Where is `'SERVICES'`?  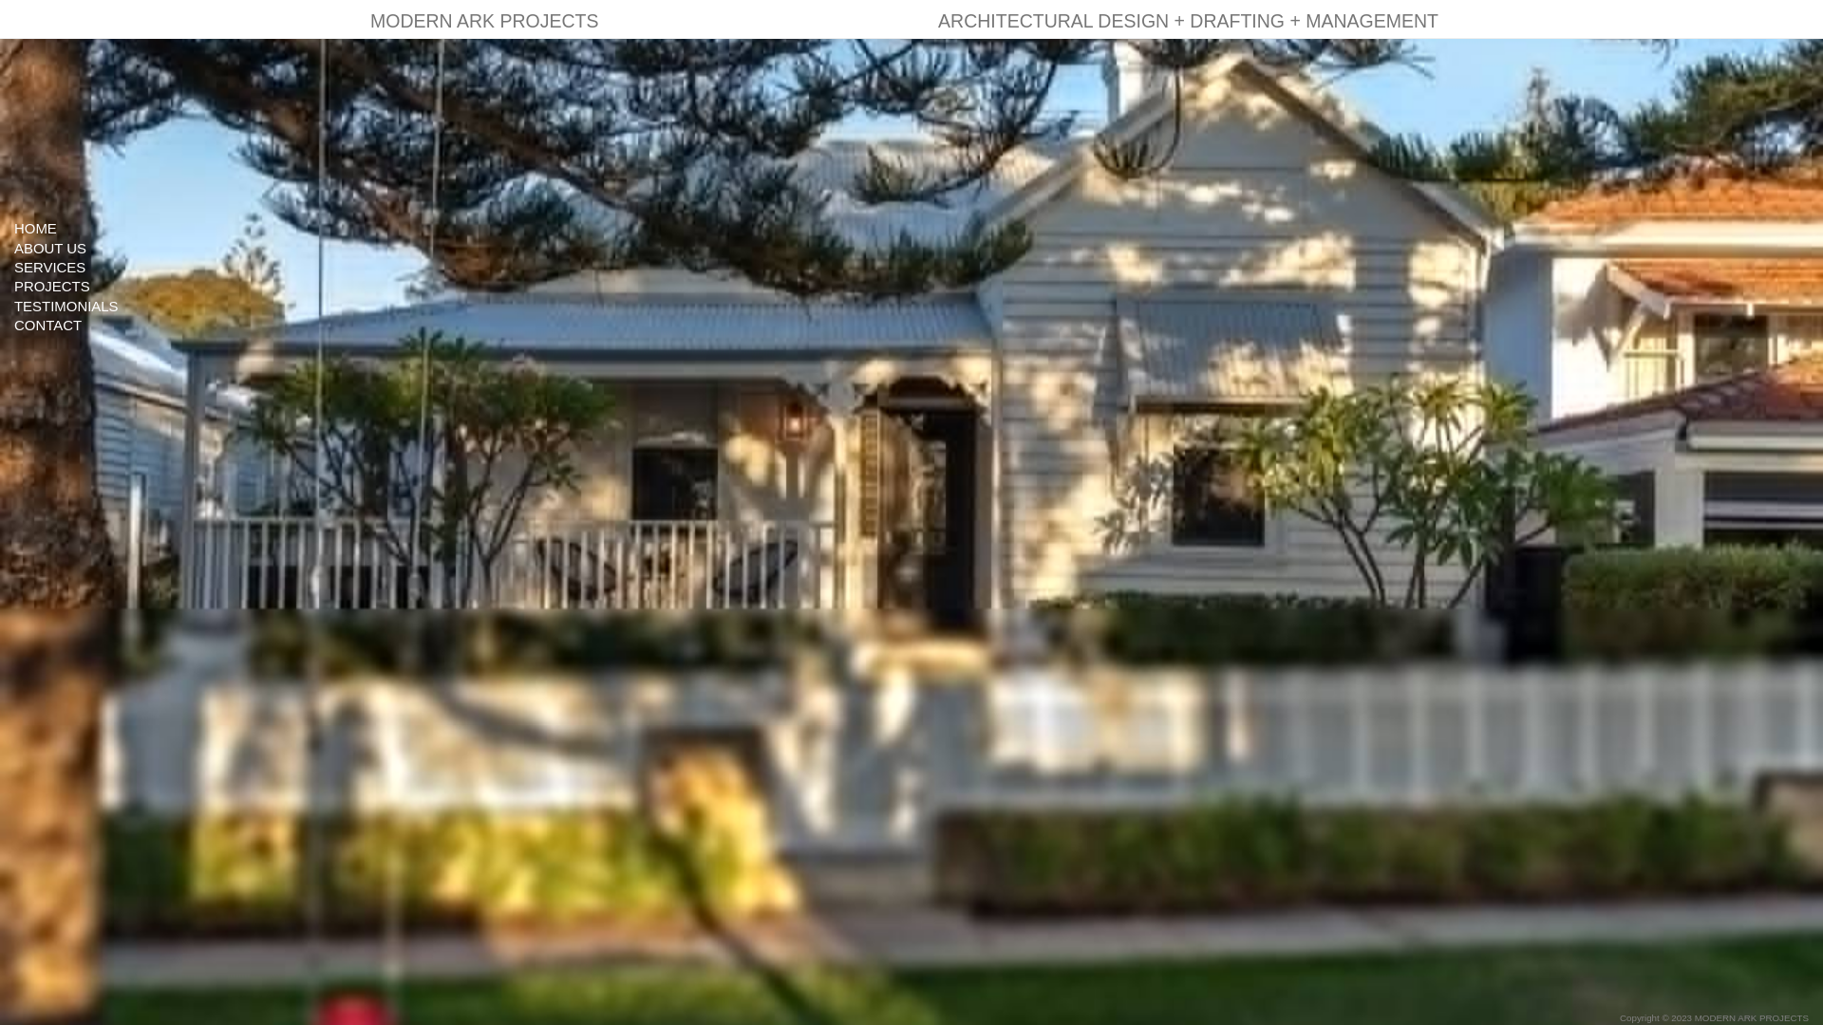 'SERVICES' is located at coordinates (99, 267).